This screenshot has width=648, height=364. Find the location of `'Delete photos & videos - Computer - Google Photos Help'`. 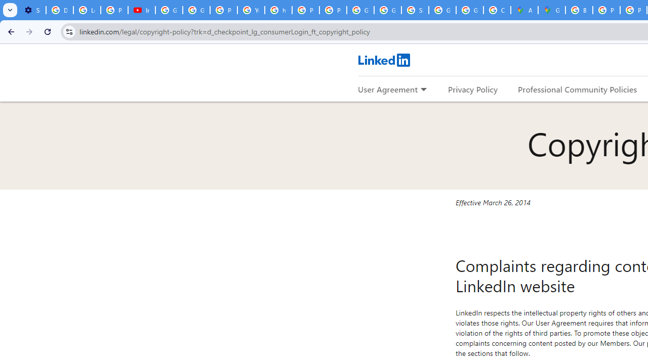

'Delete photos & videos - Computer - Google Photos Help' is located at coordinates (59, 10).